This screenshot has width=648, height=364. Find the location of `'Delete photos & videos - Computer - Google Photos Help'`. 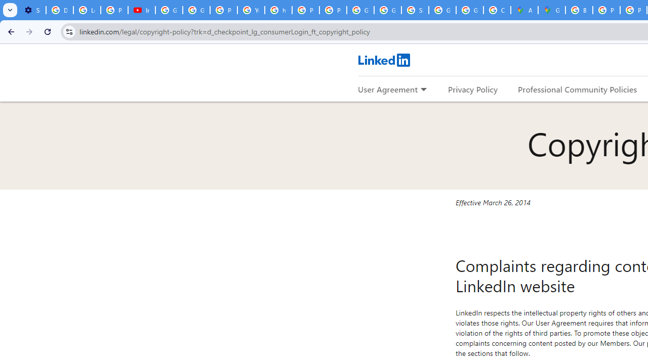

'Delete photos & videos - Computer - Google Photos Help' is located at coordinates (59, 10).